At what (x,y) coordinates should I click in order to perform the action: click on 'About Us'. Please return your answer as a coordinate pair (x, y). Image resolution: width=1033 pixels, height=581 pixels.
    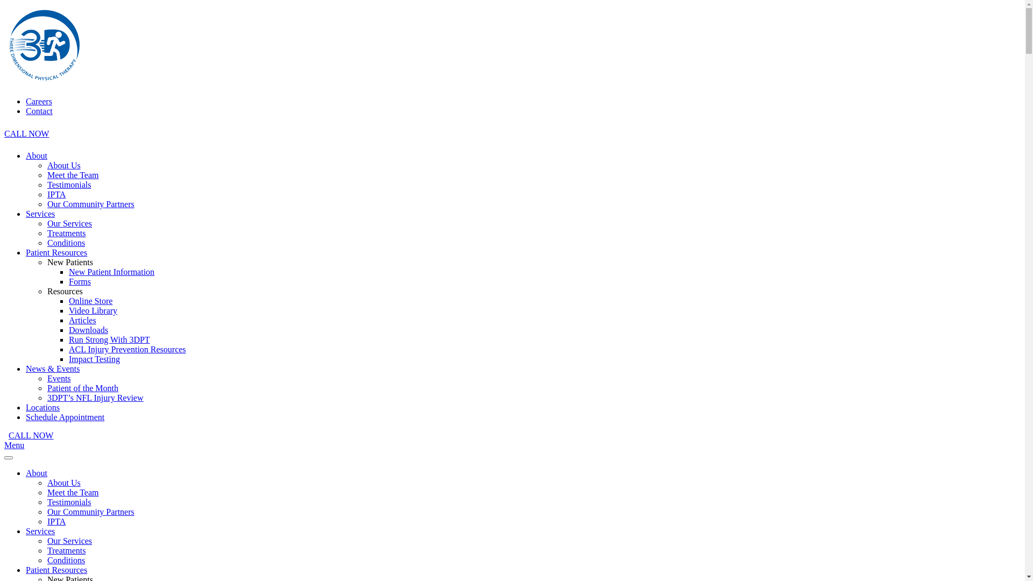
    Looking at the image, I should click on (63, 482).